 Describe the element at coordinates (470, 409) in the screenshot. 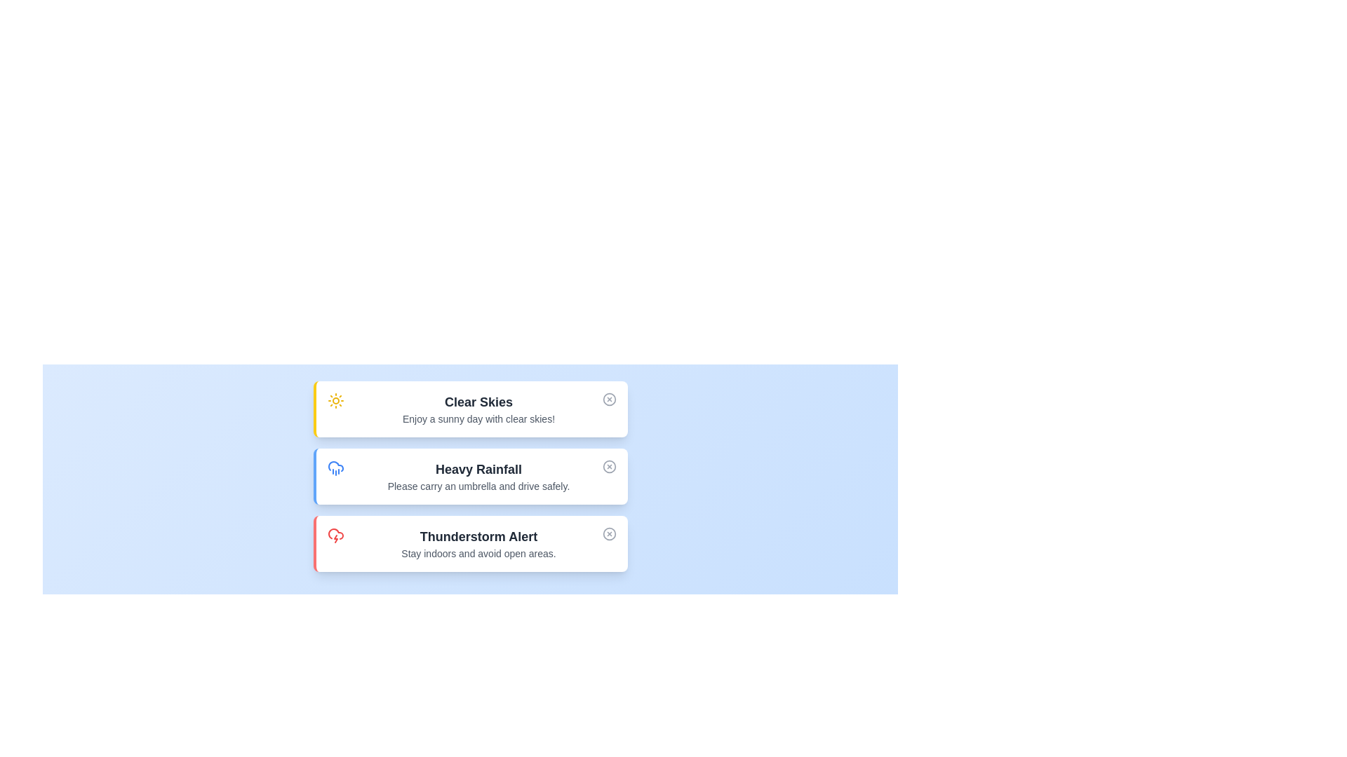

I see `the alert titled 'Clear Skies' to read its details` at that location.